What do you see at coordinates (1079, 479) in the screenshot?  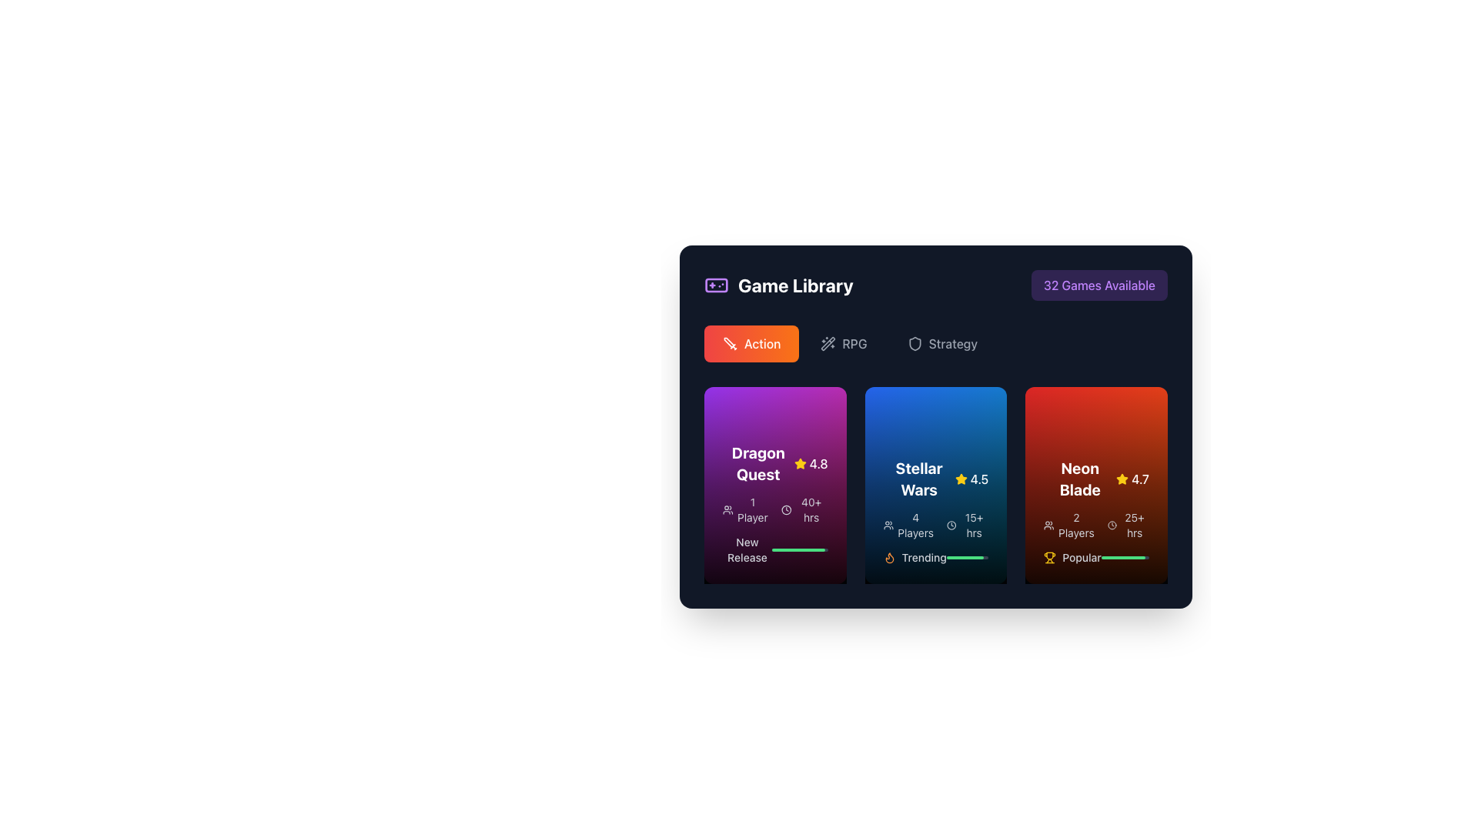 I see `the 'Neon Blade' text label, which is displayed in bold white font within a red rectangular card in the 'Game Library' section` at bounding box center [1079, 479].